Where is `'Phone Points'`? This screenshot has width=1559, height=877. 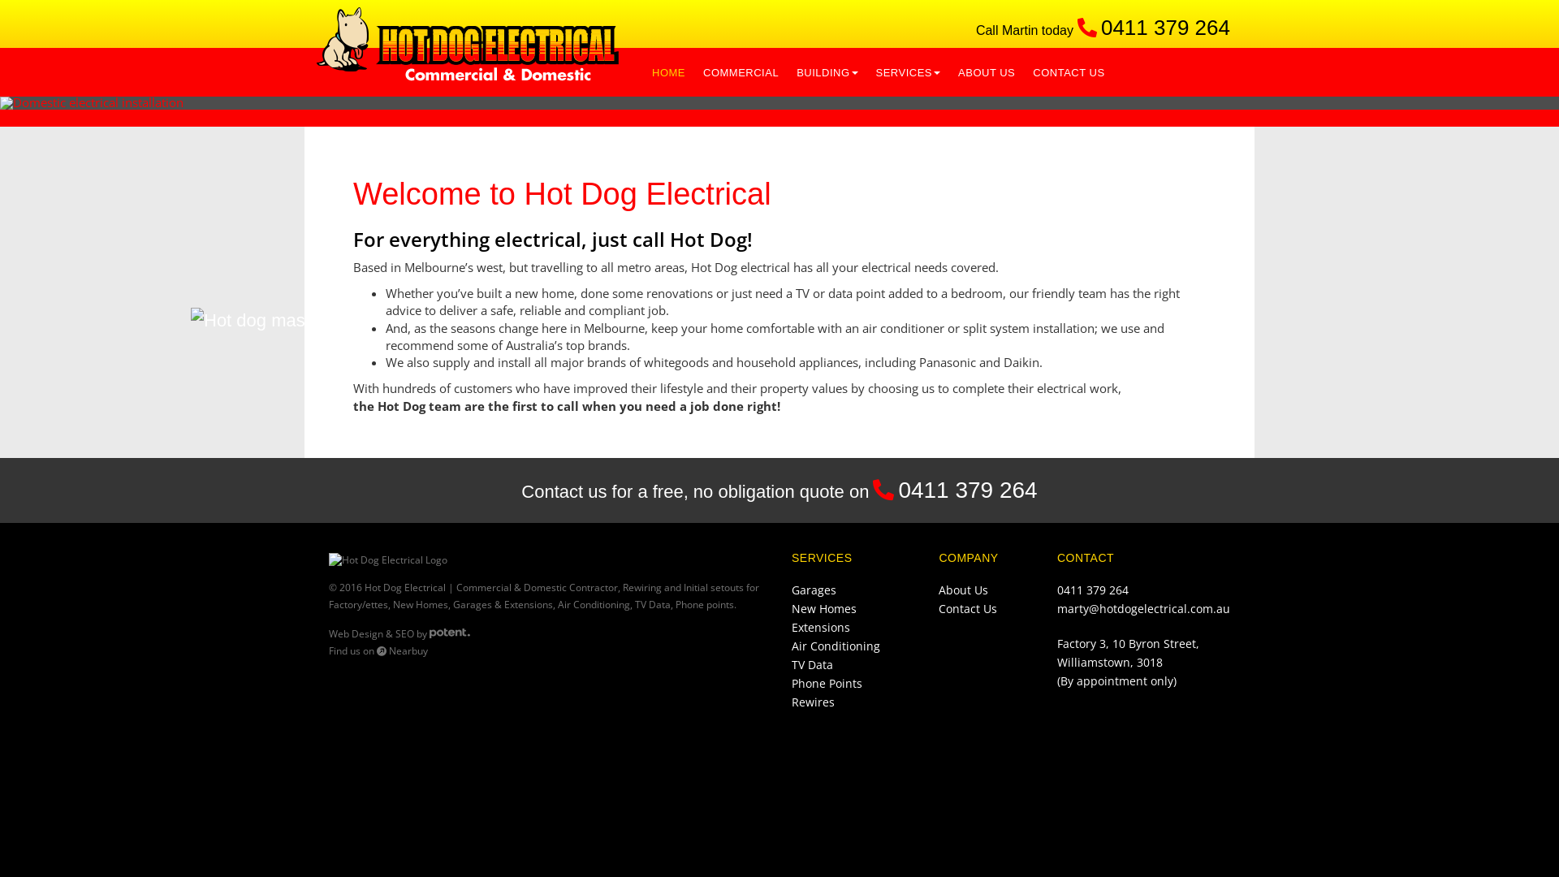
'Phone Points' is located at coordinates (791, 683).